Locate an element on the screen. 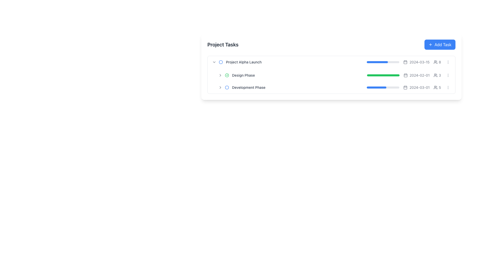 This screenshot has height=274, width=488. the toggle icon is located at coordinates (214, 62).